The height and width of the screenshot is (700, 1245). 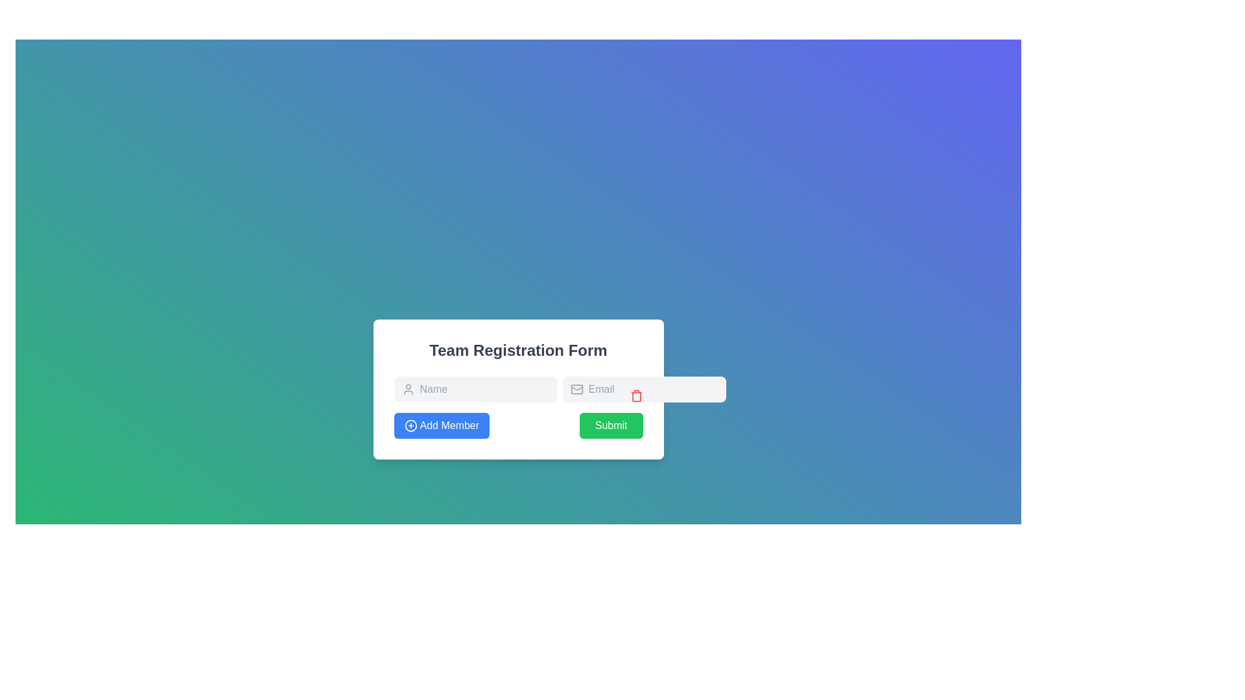 I want to click on the body of the trash icon, which is the second part of the group in the minimalistic design, so click(x=636, y=396).